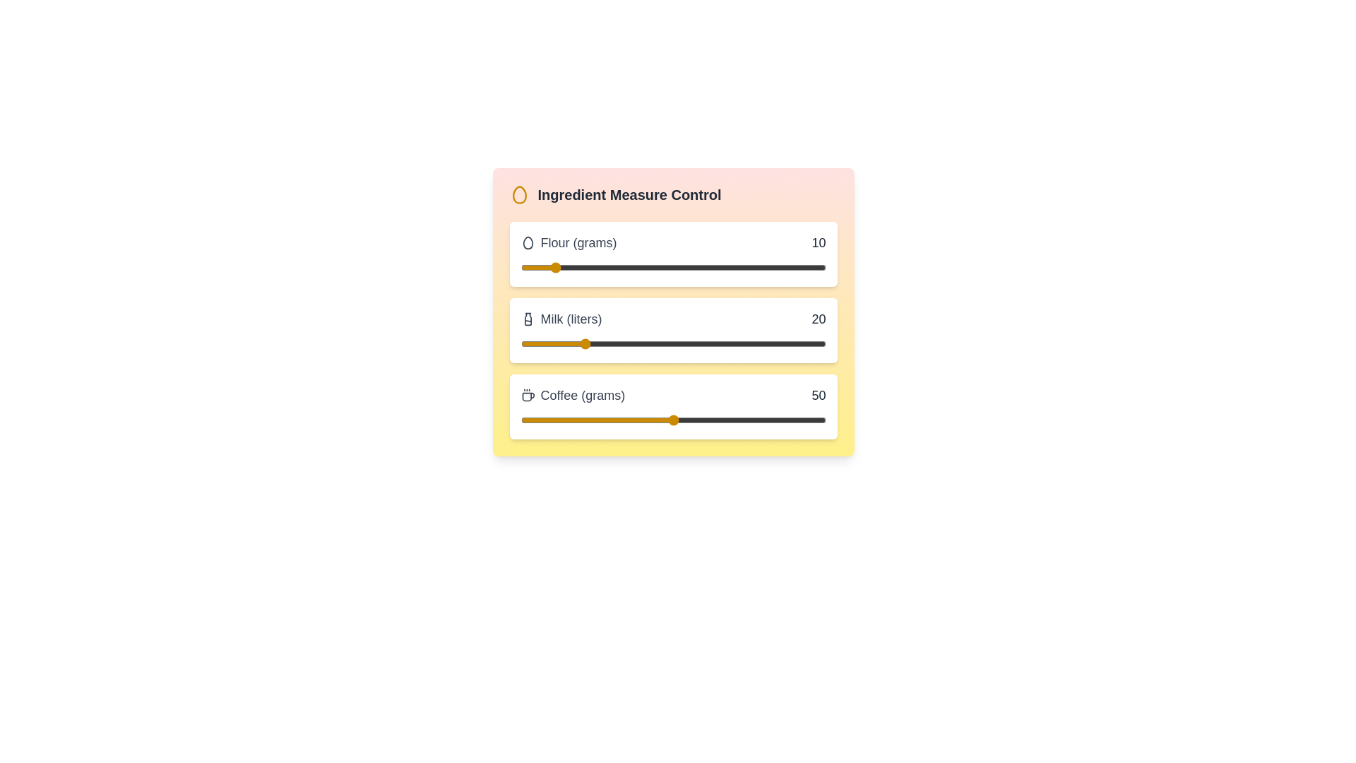 Image resolution: width=1356 pixels, height=763 pixels. I want to click on the coffee amount, so click(672, 419).